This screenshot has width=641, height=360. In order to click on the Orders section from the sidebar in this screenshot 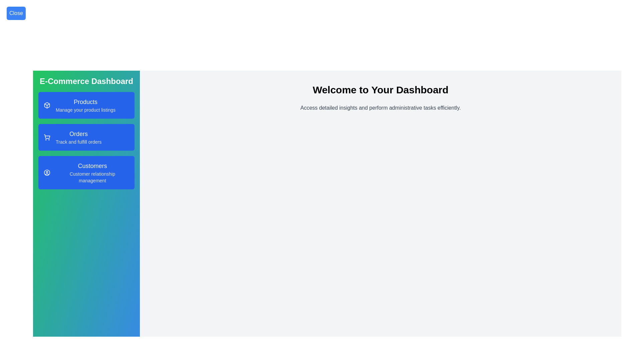, I will do `click(86, 137)`.